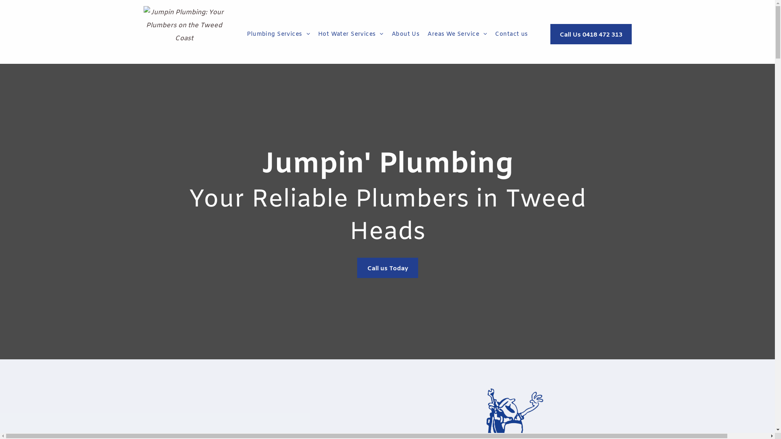 The height and width of the screenshot is (439, 781). I want to click on 'Areas We Service', so click(457, 34).